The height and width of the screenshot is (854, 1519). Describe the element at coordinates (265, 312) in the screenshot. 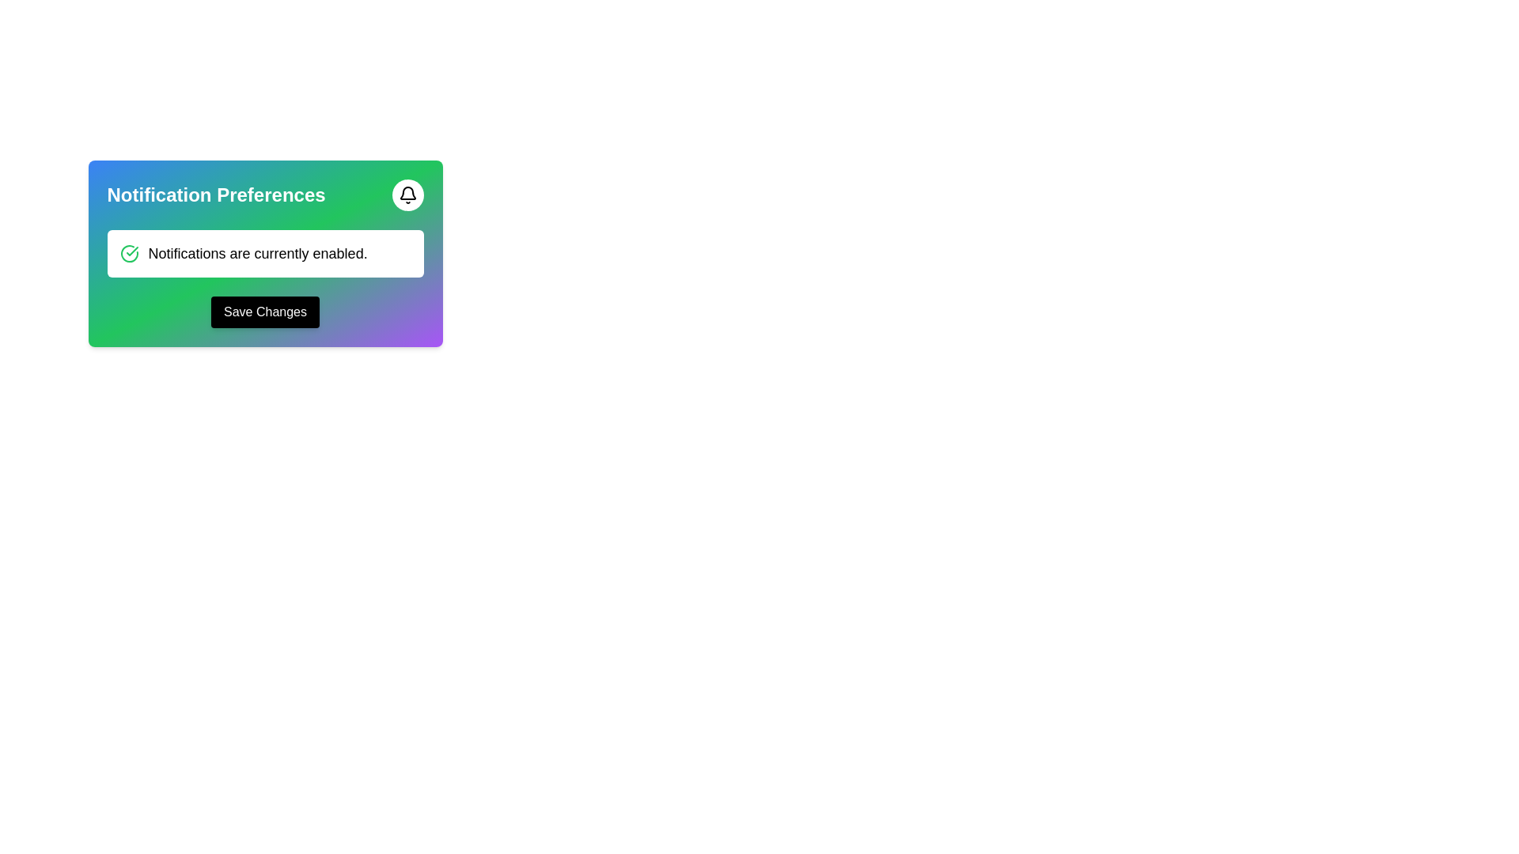

I see `the confirm button at the bottom of the 'Notification Preferences' card` at that location.